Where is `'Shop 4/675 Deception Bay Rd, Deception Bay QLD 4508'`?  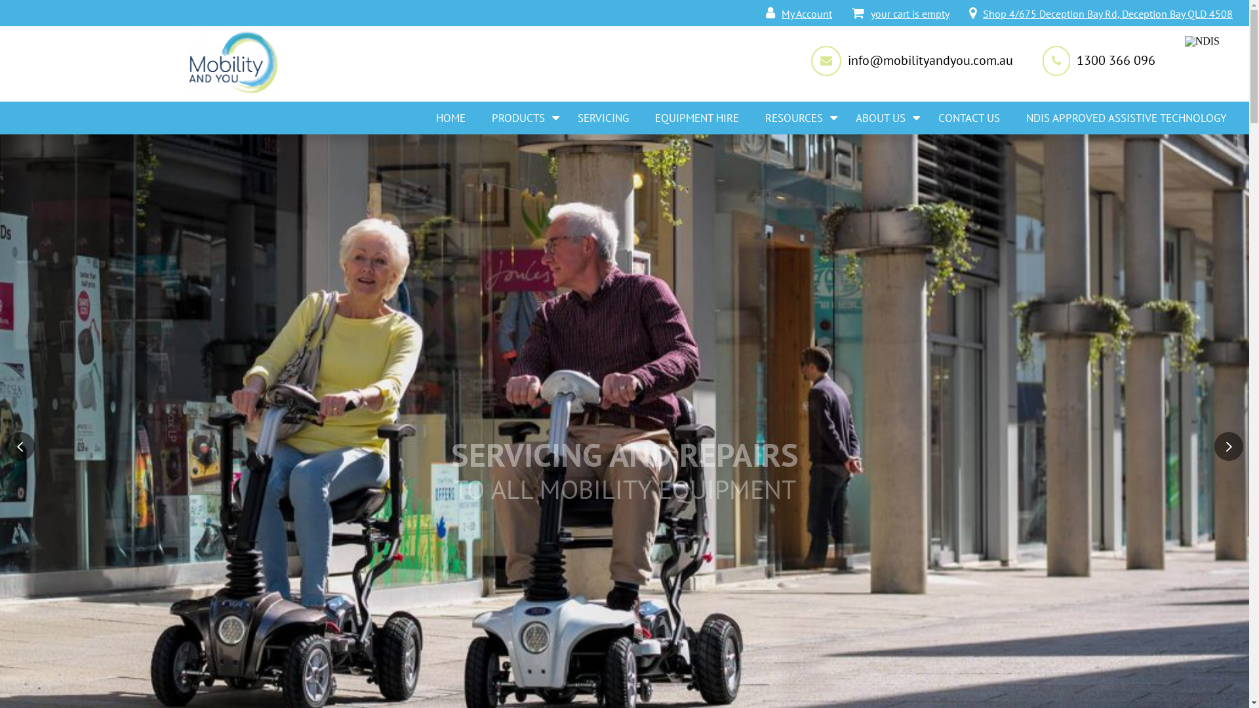 'Shop 4/675 Deception Bay Rd, Deception Bay QLD 4508' is located at coordinates (1101, 13).